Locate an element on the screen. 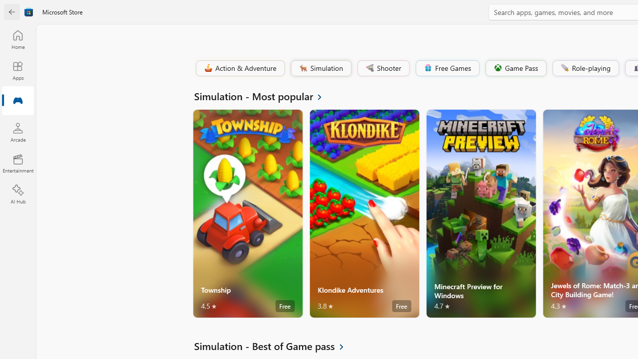  'Action & Adventure' is located at coordinates (239, 67).